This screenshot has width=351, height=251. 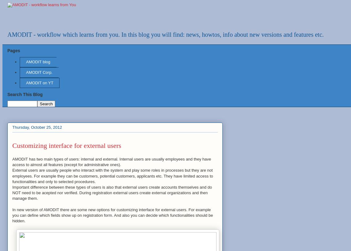 What do you see at coordinates (39, 72) in the screenshot?
I see `'AMODIT Corp.'` at bounding box center [39, 72].